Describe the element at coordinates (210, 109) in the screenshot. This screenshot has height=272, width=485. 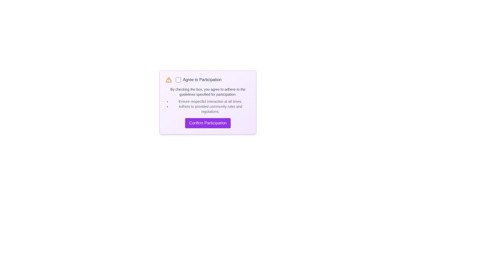
I see `the text label reading 'Adhere to provided community rules and regulations.' which is styled in gray and part of a bulleted list beneath the agreement checkbox in the dialog box` at that location.